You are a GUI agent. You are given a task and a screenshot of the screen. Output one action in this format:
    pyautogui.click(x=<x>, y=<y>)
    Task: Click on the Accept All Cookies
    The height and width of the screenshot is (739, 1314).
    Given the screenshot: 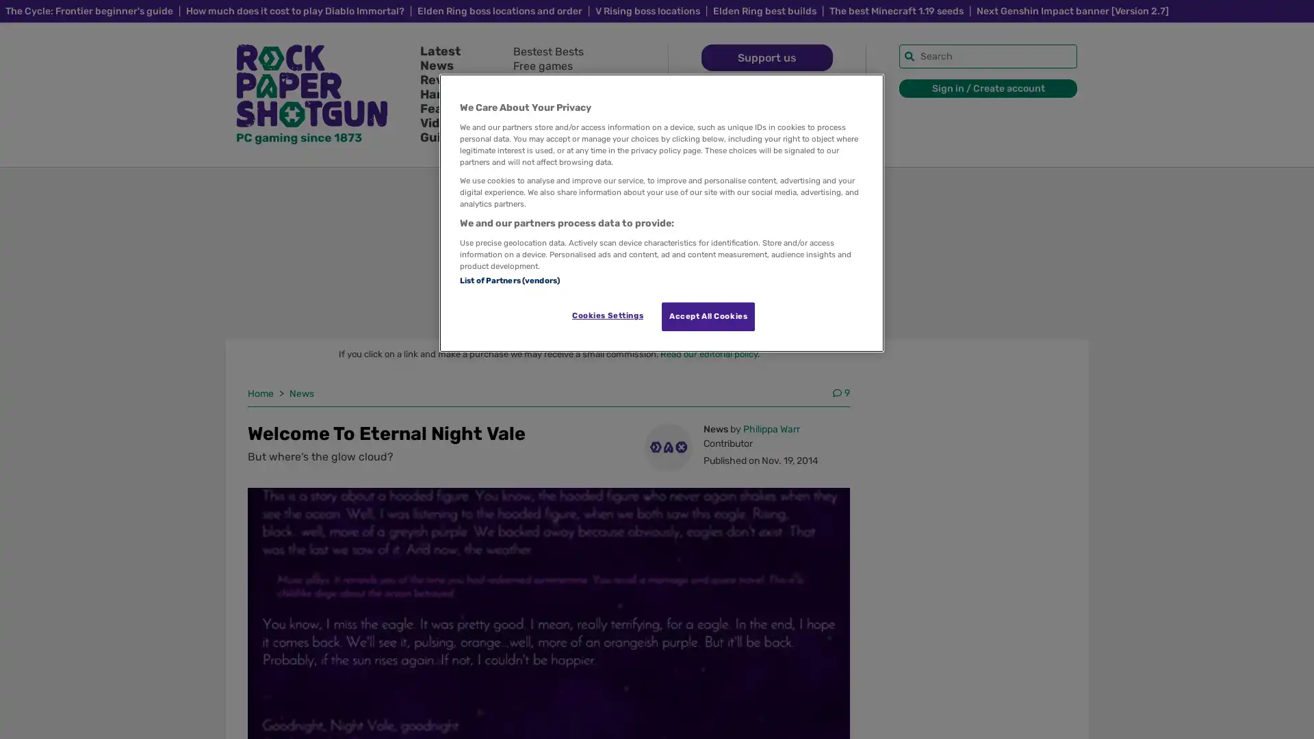 What is the action you would take?
    pyautogui.click(x=708, y=316)
    